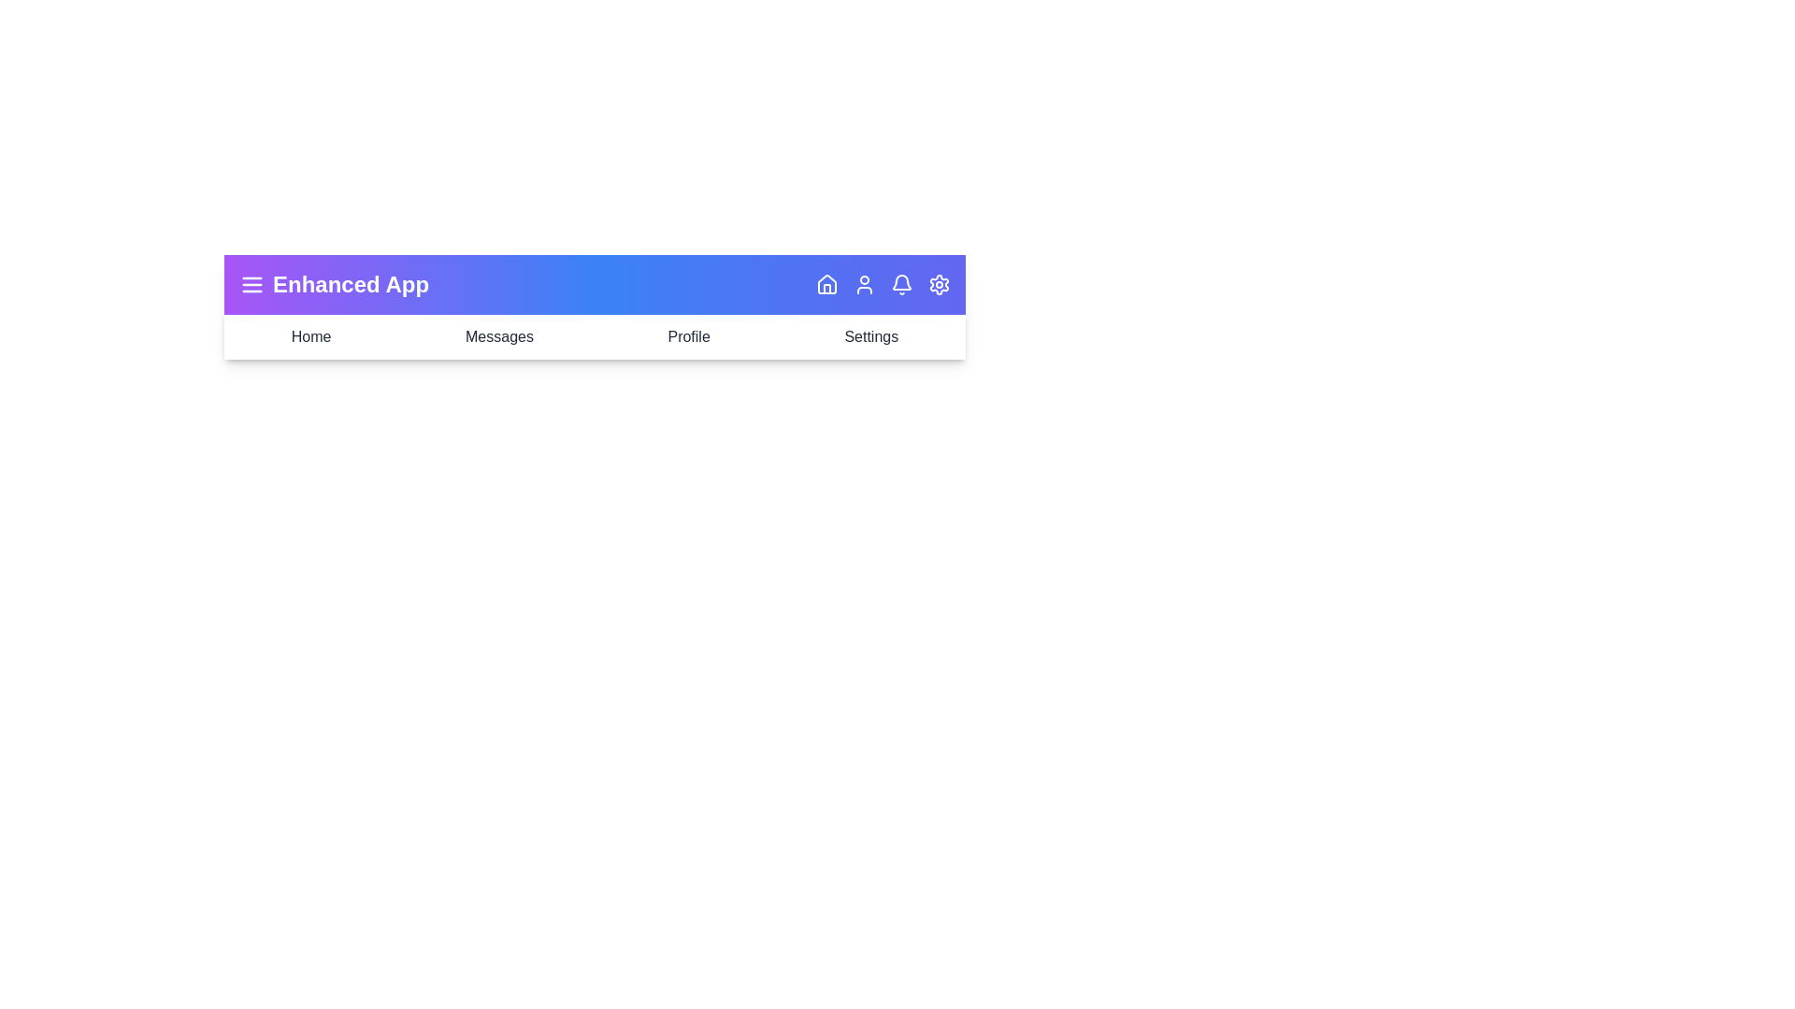 The image size is (1795, 1009). Describe the element at coordinates (869, 337) in the screenshot. I see `the navigation item labeled Settings to navigate to that section` at that location.